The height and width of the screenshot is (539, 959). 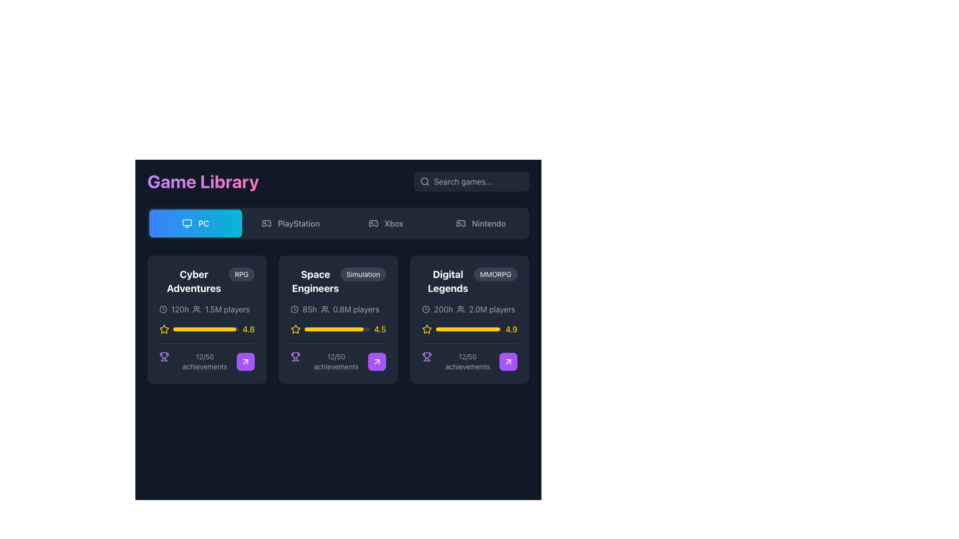 What do you see at coordinates (488, 223) in the screenshot?
I see `the Nintendo platform filter label in the game library interface` at bounding box center [488, 223].